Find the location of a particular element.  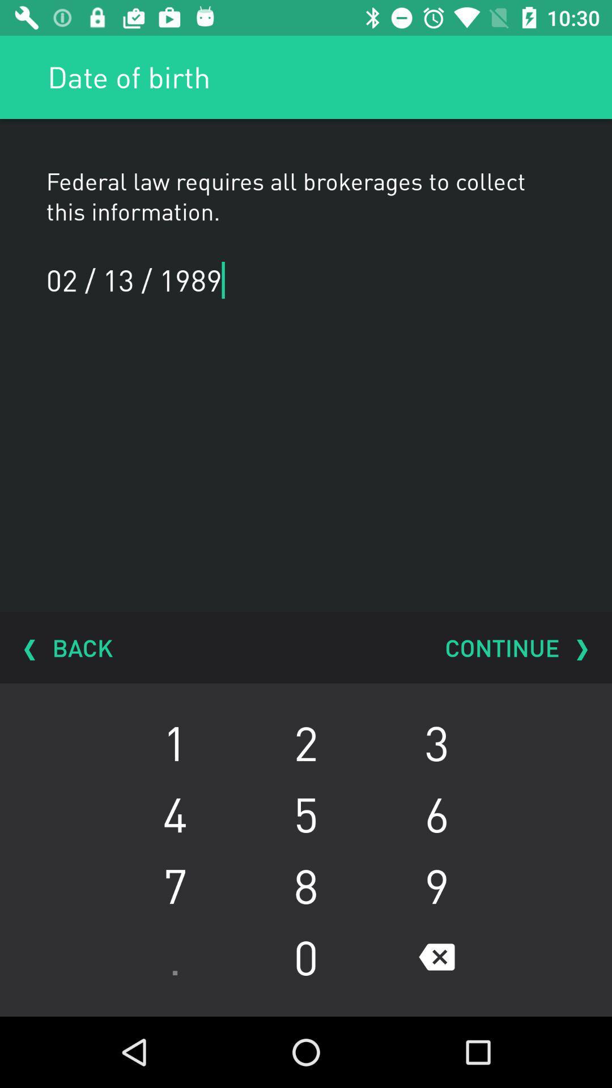

the icon below the 7 icon is located at coordinates (306, 957).